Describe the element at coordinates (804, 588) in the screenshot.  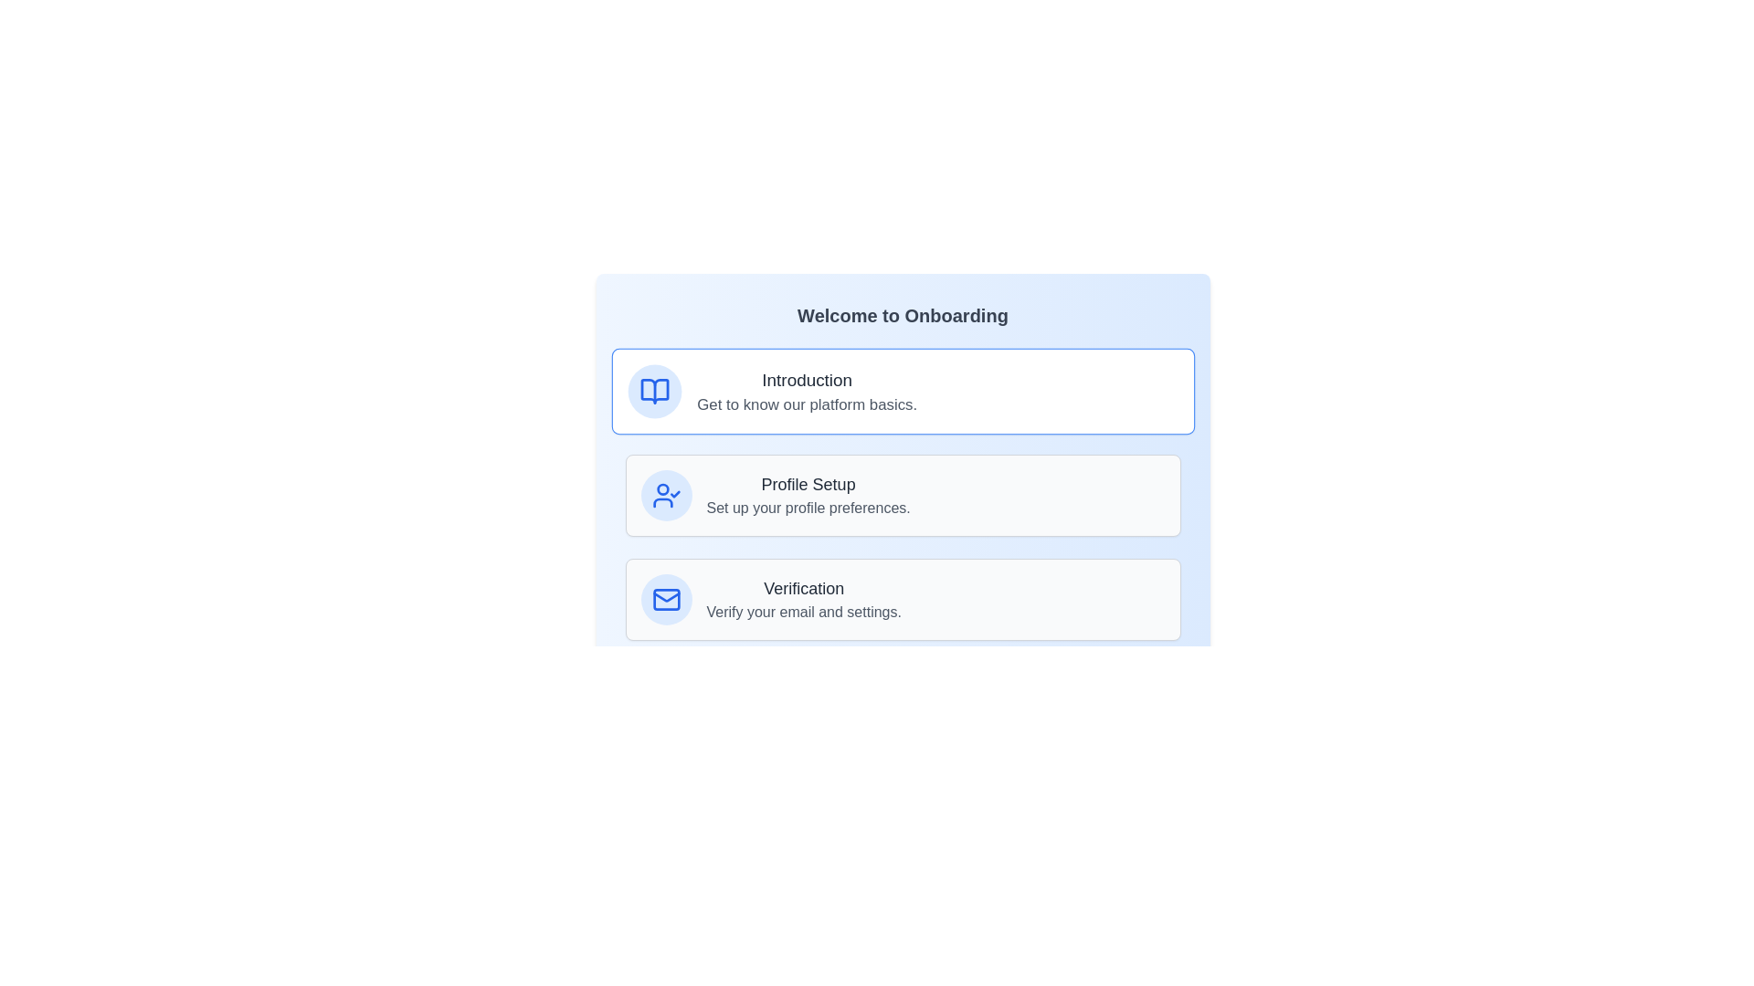
I see `the bold header text labeled 'Verification', which is the primary heading of its section, located in the third module of a vertical stack` at that location.